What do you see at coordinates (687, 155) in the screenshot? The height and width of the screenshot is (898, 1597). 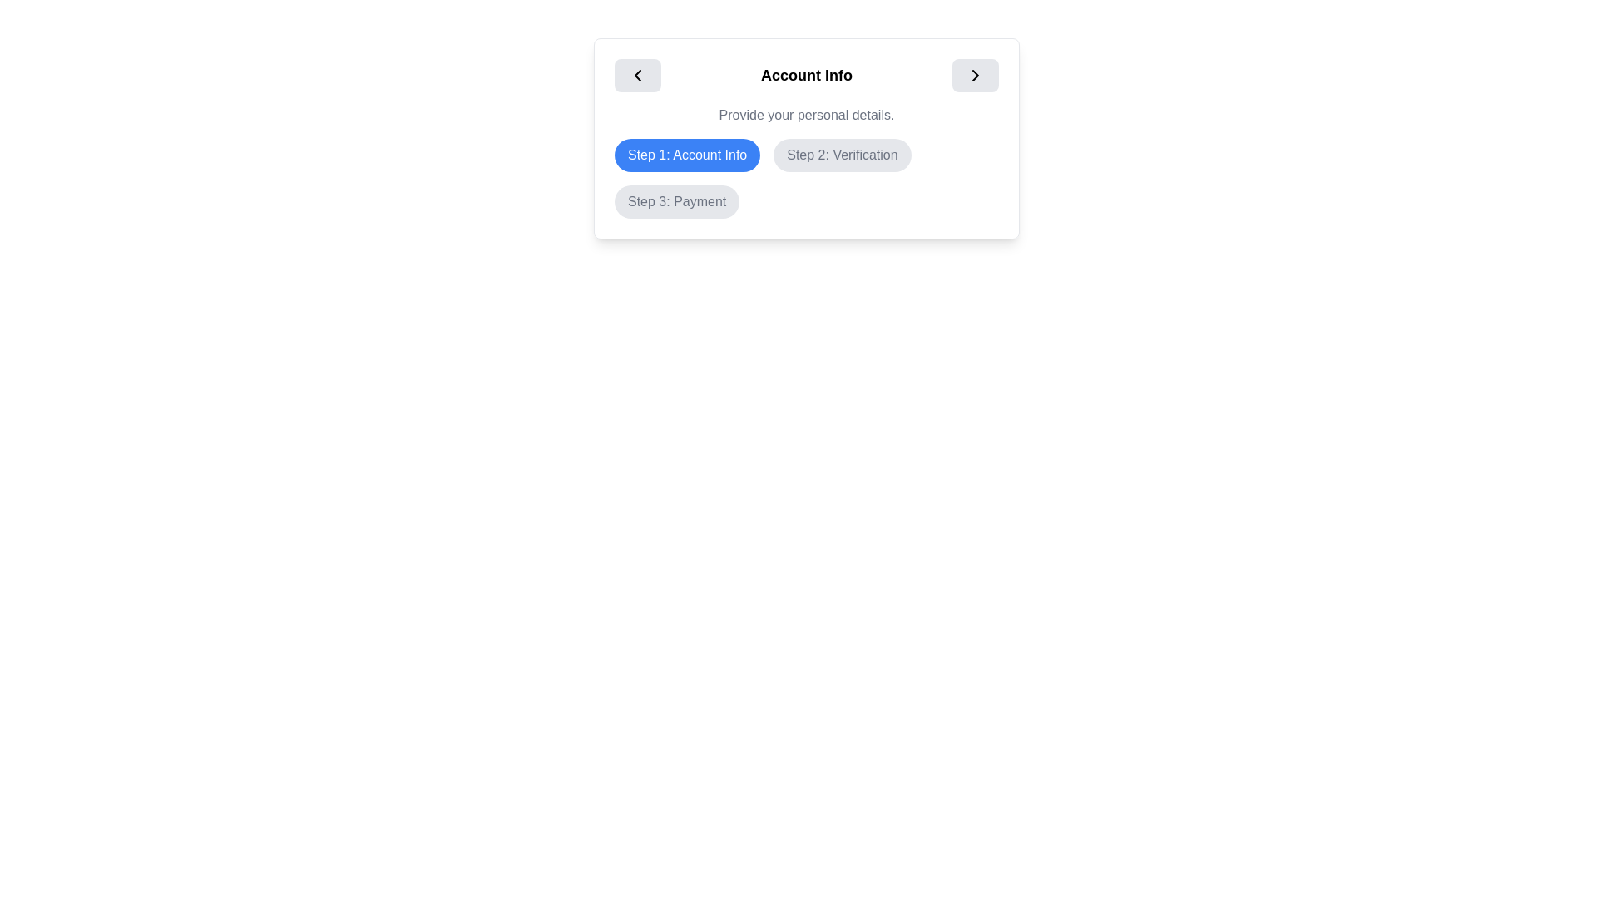 I see `the first button in a row representing steps in a multi-step process, positioned above the 'Step 3: Payment' button` at bounding box center [687, 155].